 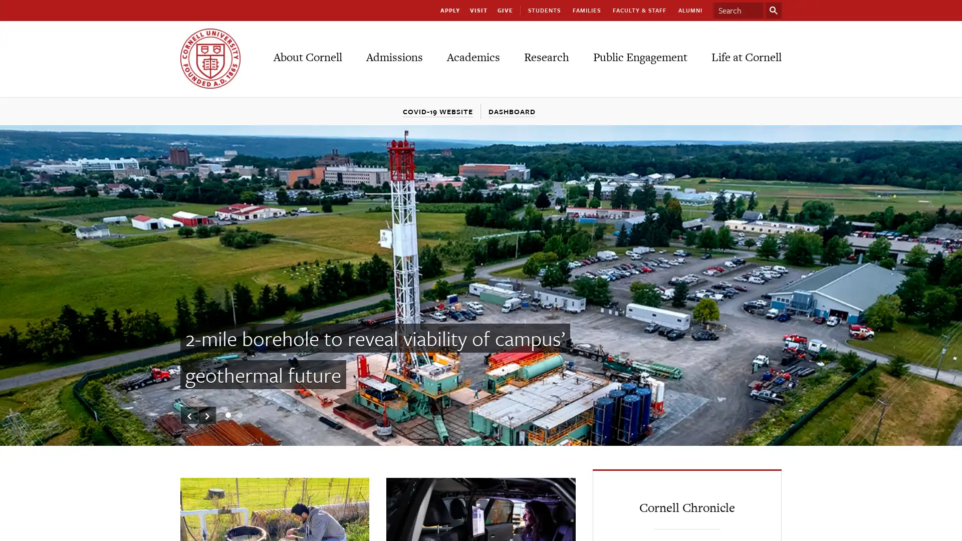 What do you see at coordinates (206, 415) in the screenshot?
I see `Next slide` at bounding box center [206, 415].